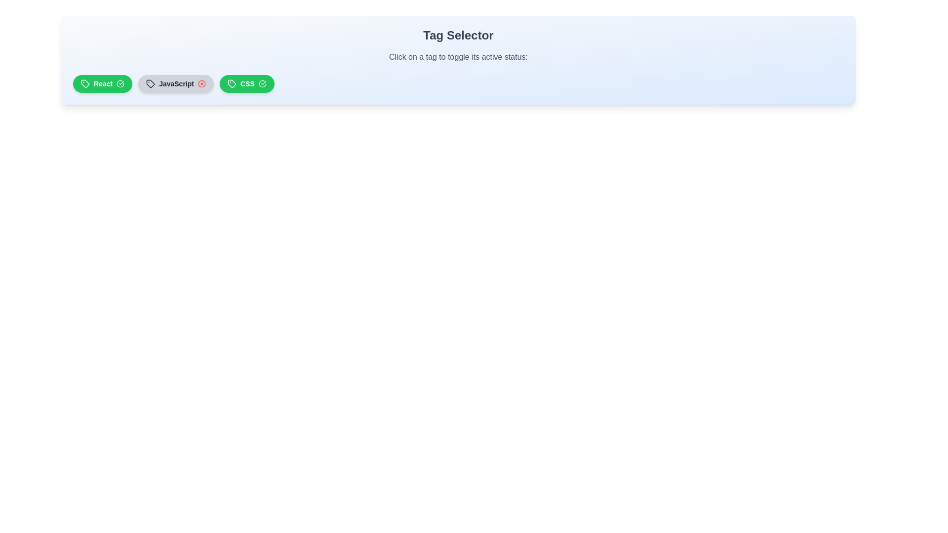 This screenshot has height=533, width=948. Describe the element at coordinates (246, 83) in the screenshot. I see `the tag button labeled CSS to view its hover effect` at that location.